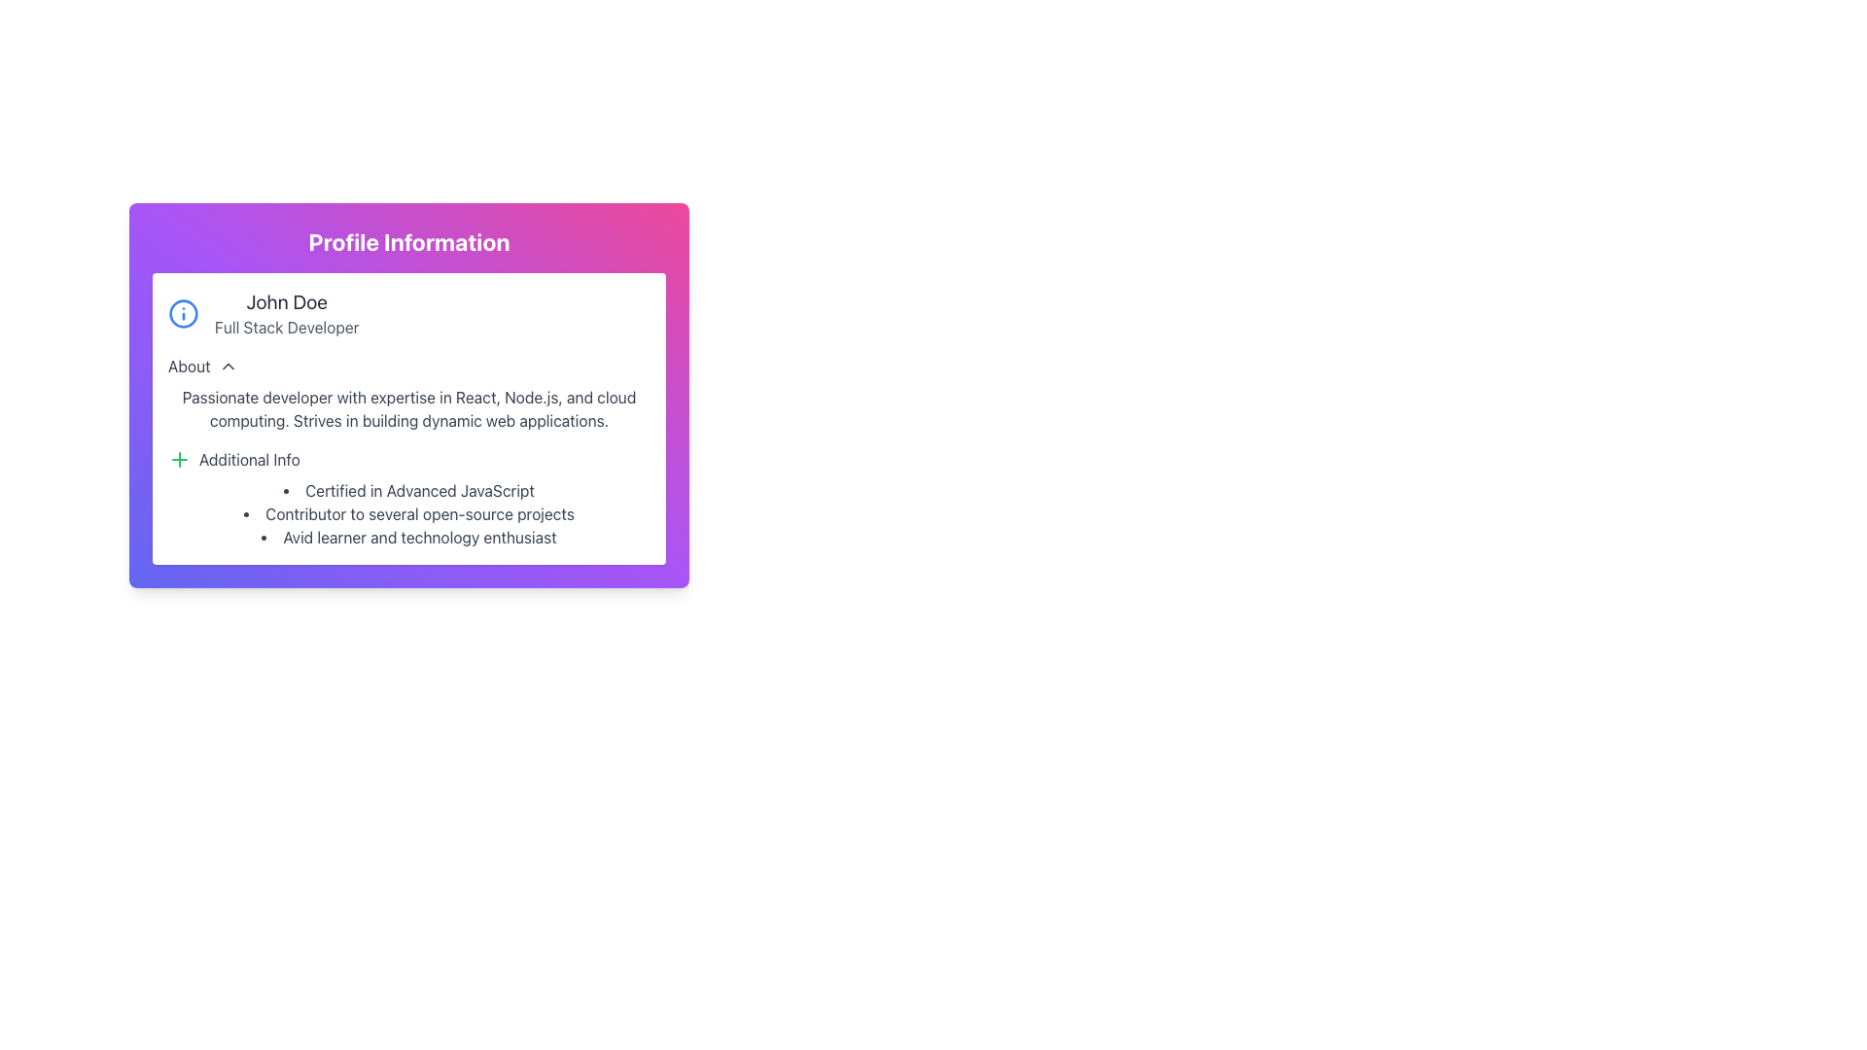 Image resolution: width=1867 pixels, height=1050 pixels. Describe the element at coordinates (202, 367) in the screenshot. I see `the collapsible header button located in the top-left section of the profile card` at that location.